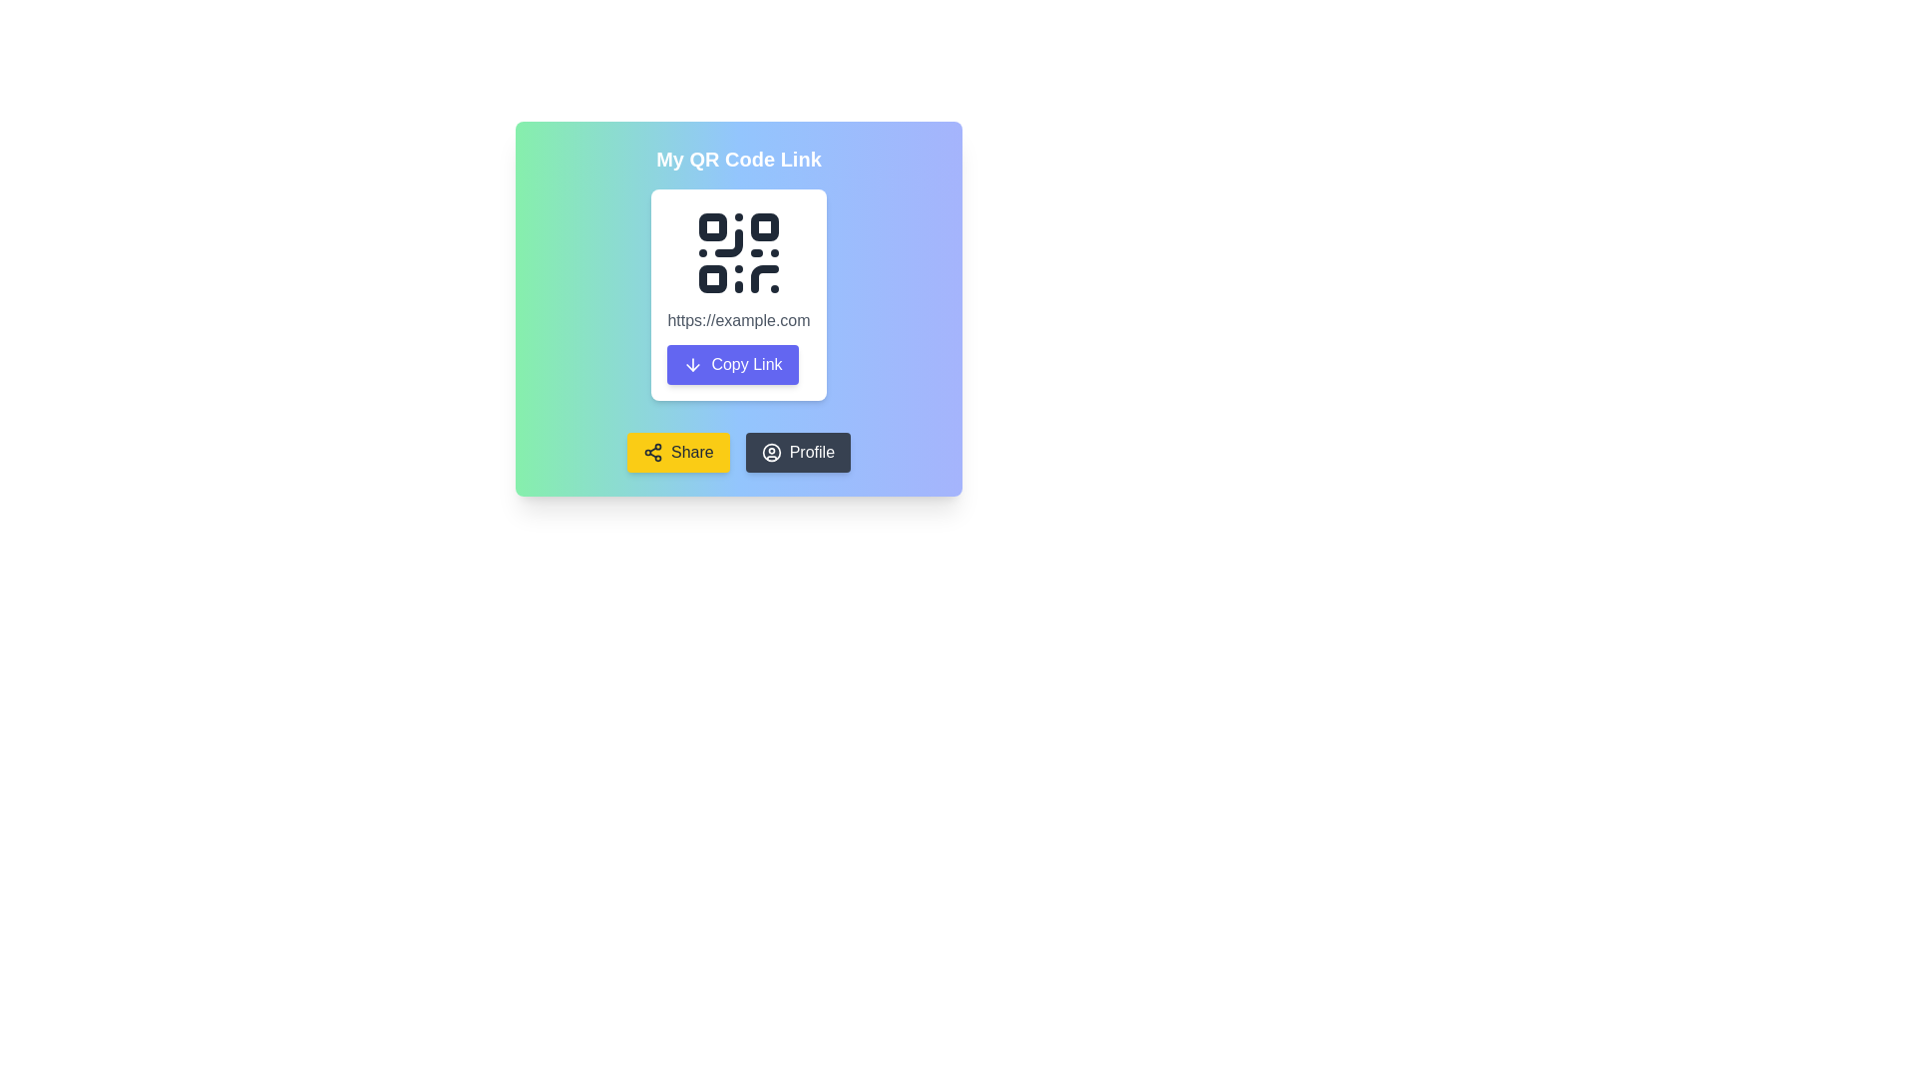  I want to click on the outermost circular layer of the user profile icon, which is an SVG Circle element that represents user-related features, so click(770, 453).